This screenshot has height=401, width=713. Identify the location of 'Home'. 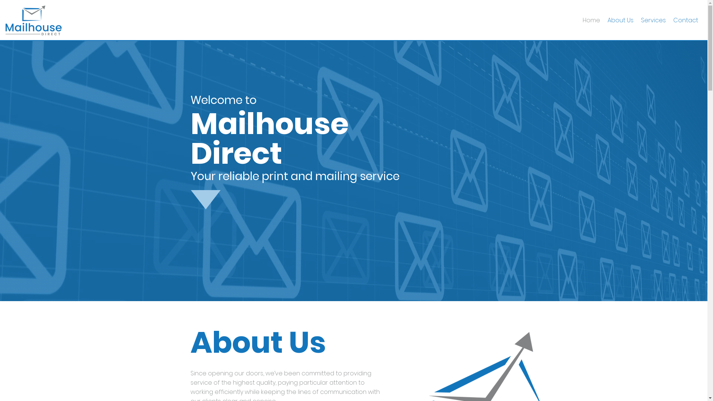
(579, 20).